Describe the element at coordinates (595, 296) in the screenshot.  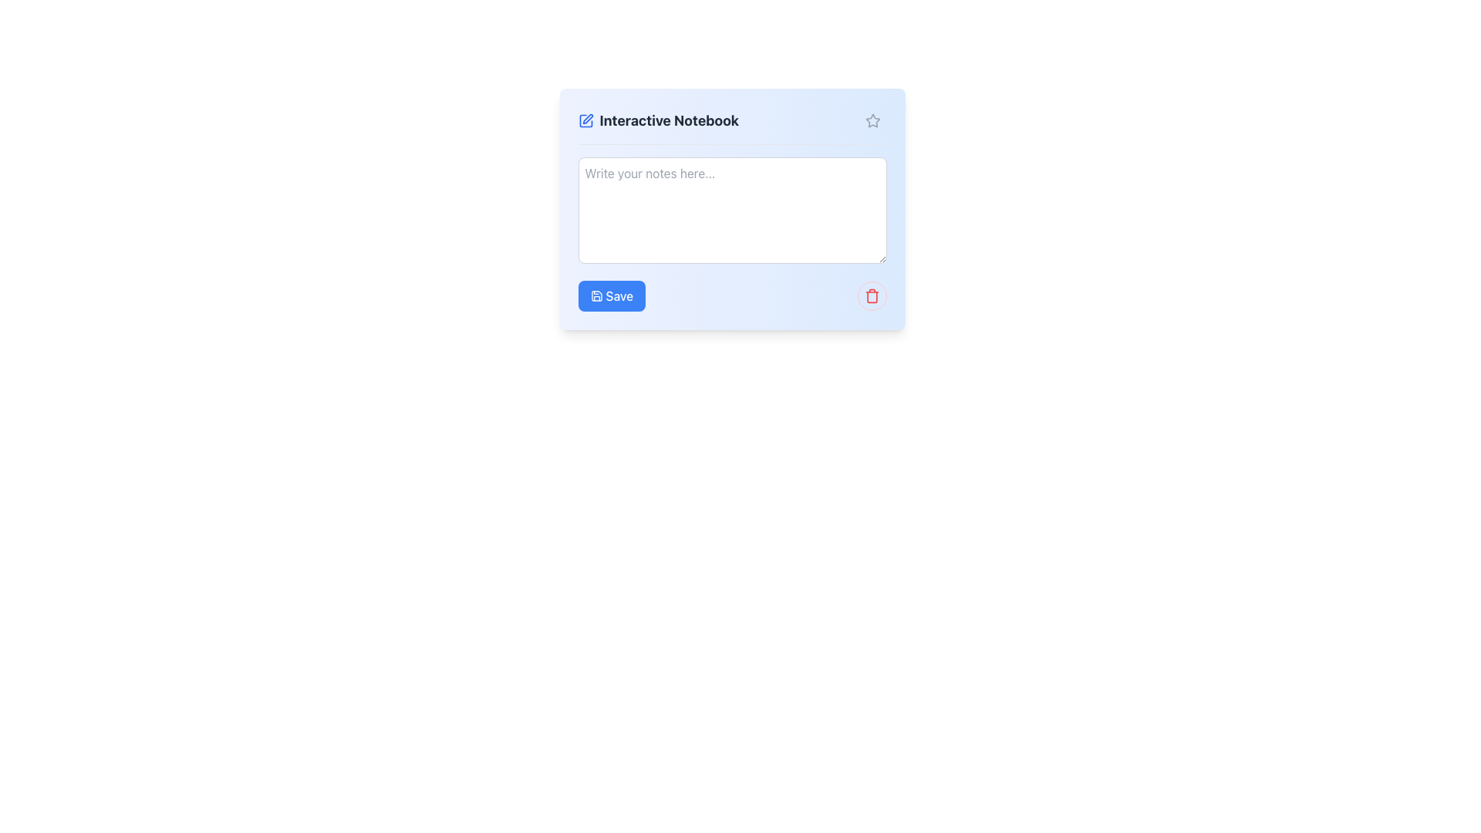
I see `the save icon located within the blue rectangular button labeled 'Save' at the bottom-left corner of the interactive notebook interface` at that location.